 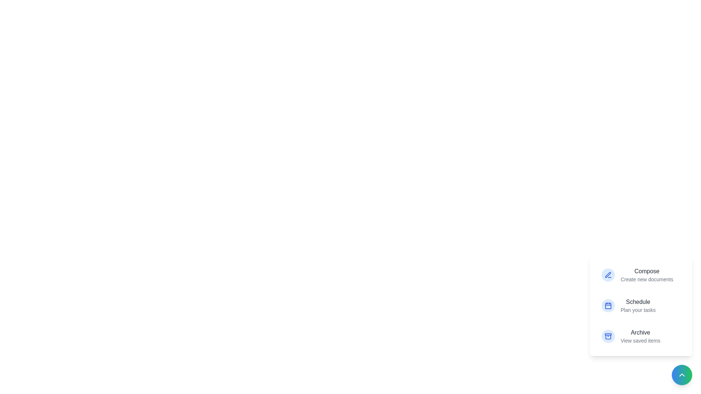 What do you see at coordinates (608, 336) in the screenshot?
I see `the icon corresponding to Archive in the action menu` at bounding box center [608, 336].